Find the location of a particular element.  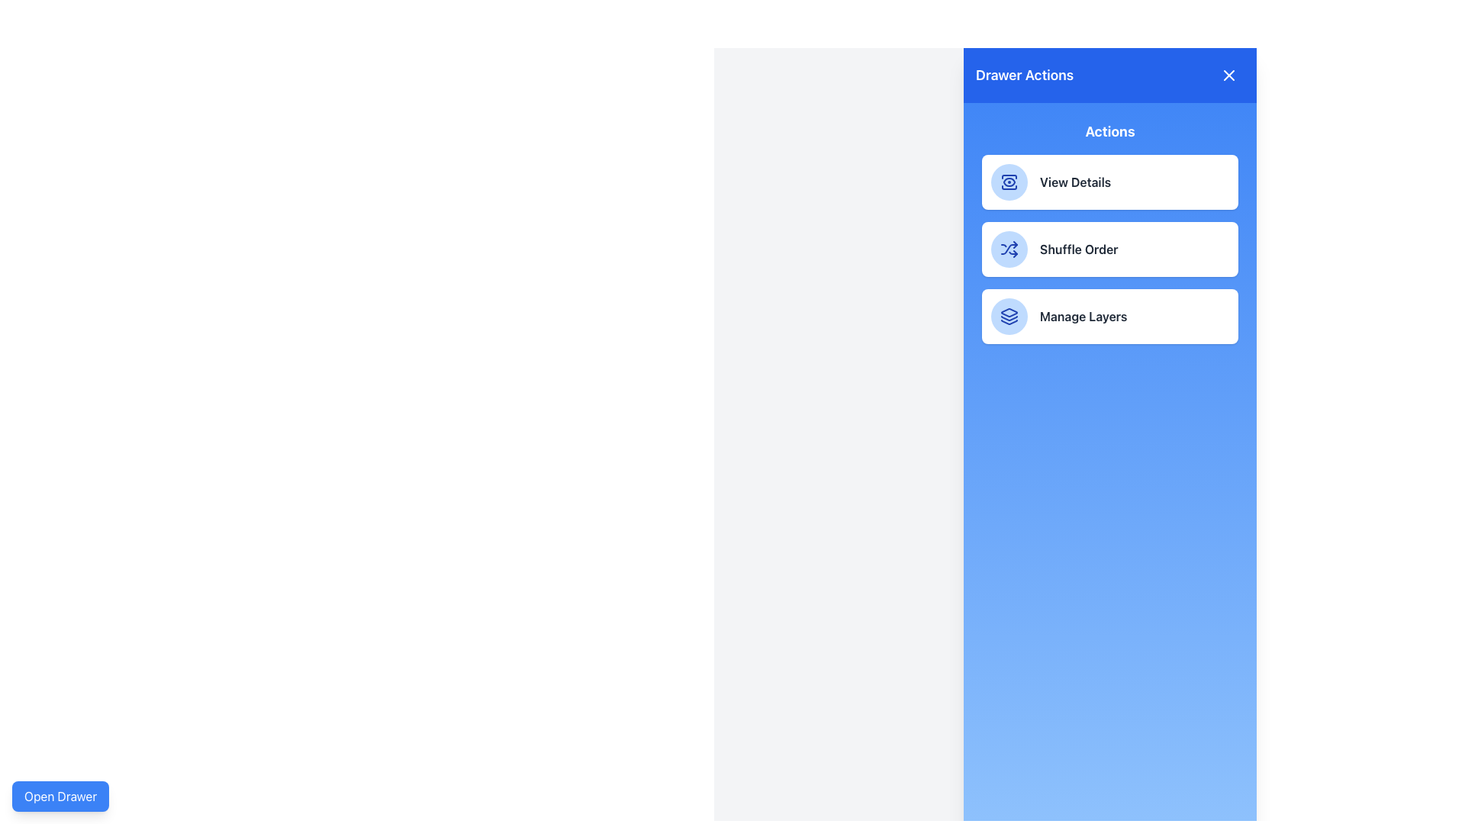

the text label displaying 'Actions', which is styled with white text on a blue background and located beneath the header 'Drawer Actions' in the side panel is located at coordinates (1109, 131).